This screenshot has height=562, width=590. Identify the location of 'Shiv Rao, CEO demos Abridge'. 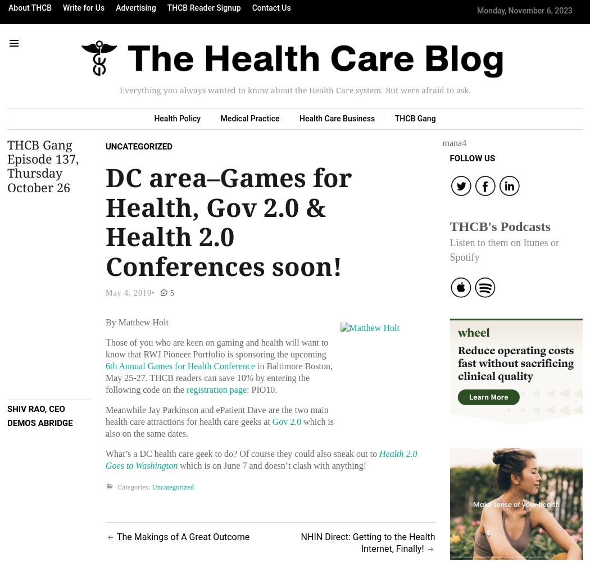
(39, 415).